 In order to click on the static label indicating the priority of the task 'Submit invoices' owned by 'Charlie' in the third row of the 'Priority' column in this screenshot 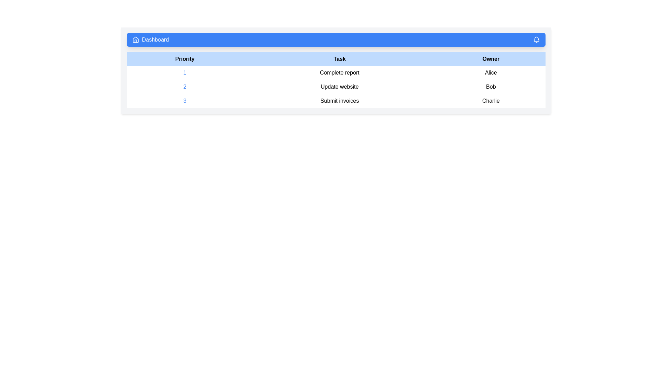, I will do `click(185, 101)`.